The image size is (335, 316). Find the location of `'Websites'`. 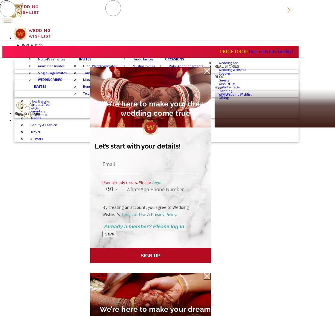

'Websites' is located at coordinates (223, 55).